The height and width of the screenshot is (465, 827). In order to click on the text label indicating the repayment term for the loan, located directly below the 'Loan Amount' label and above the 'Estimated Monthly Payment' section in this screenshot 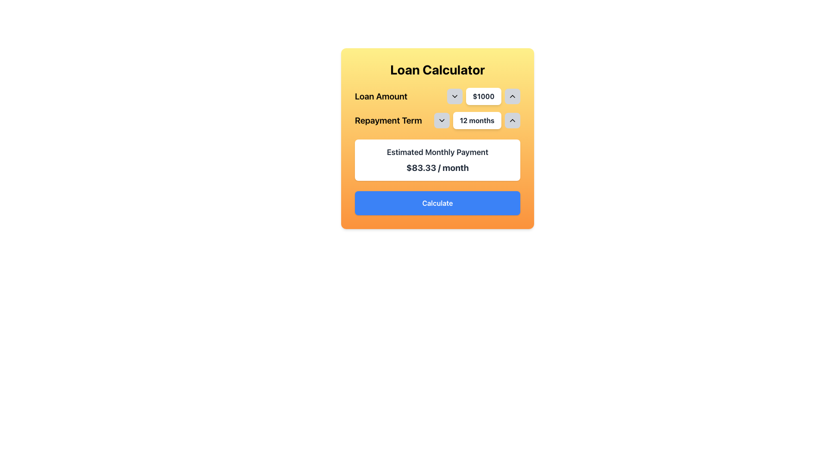, I will do `click(388, 121)`.